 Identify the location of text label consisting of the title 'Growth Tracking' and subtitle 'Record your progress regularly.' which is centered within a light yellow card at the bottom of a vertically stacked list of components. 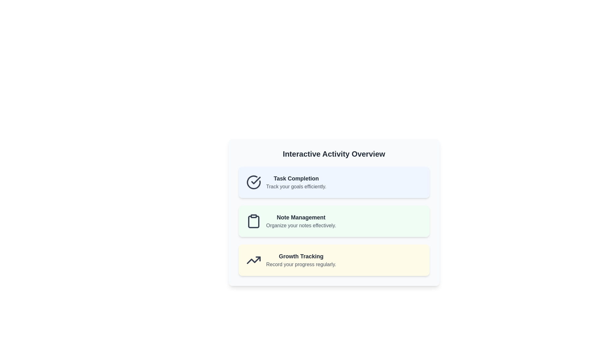
(301, 260).